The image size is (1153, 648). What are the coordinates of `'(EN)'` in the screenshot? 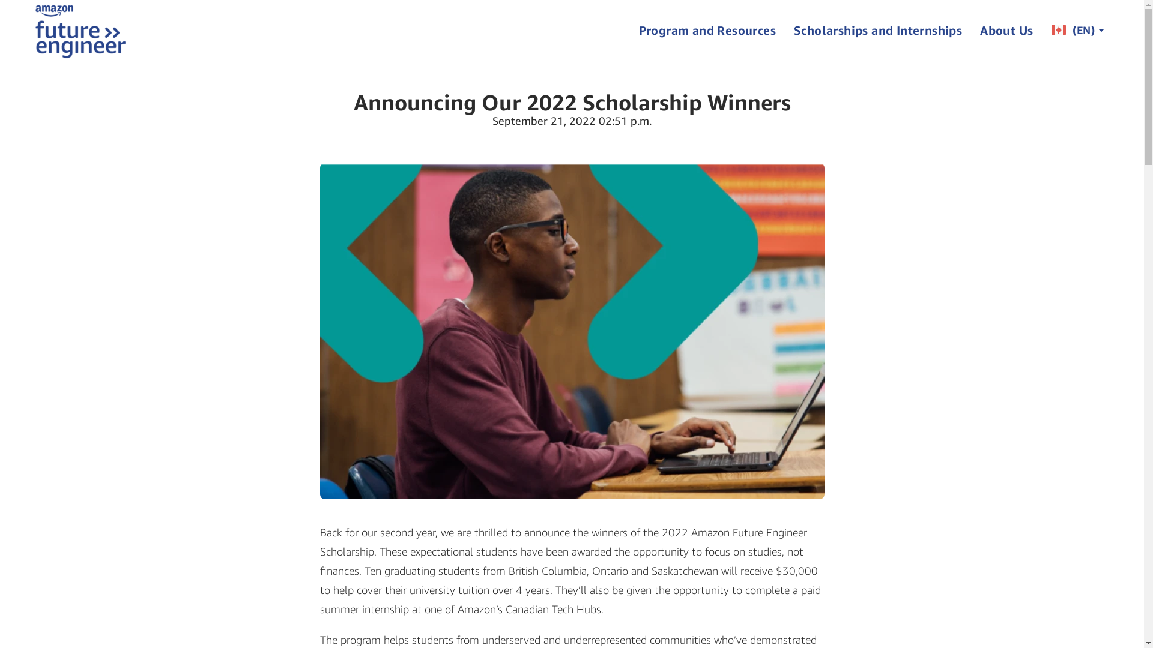 It's located at (1041, 29).